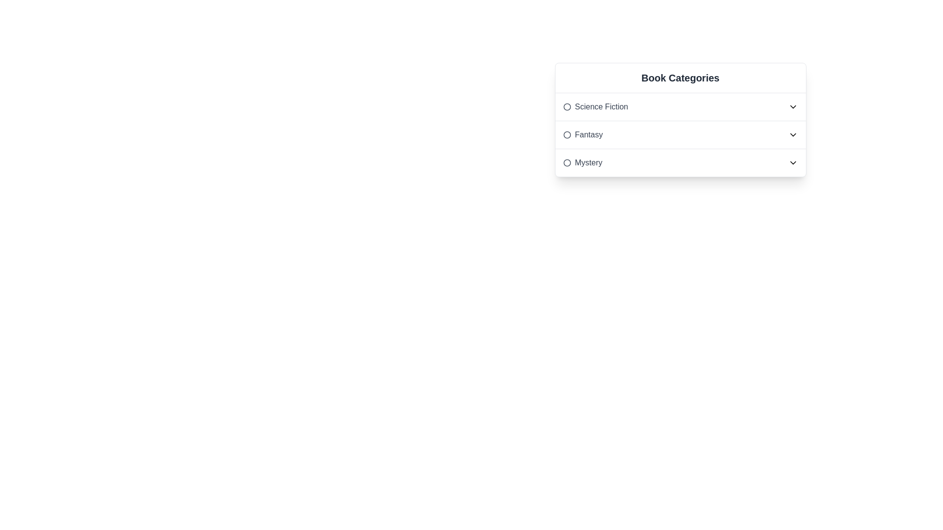  Describe the element at coordinates (589, 134) in the screenshot. I see `the radio button associated with the 'Fantasy' category in the 'Book Categories' list` at that location.